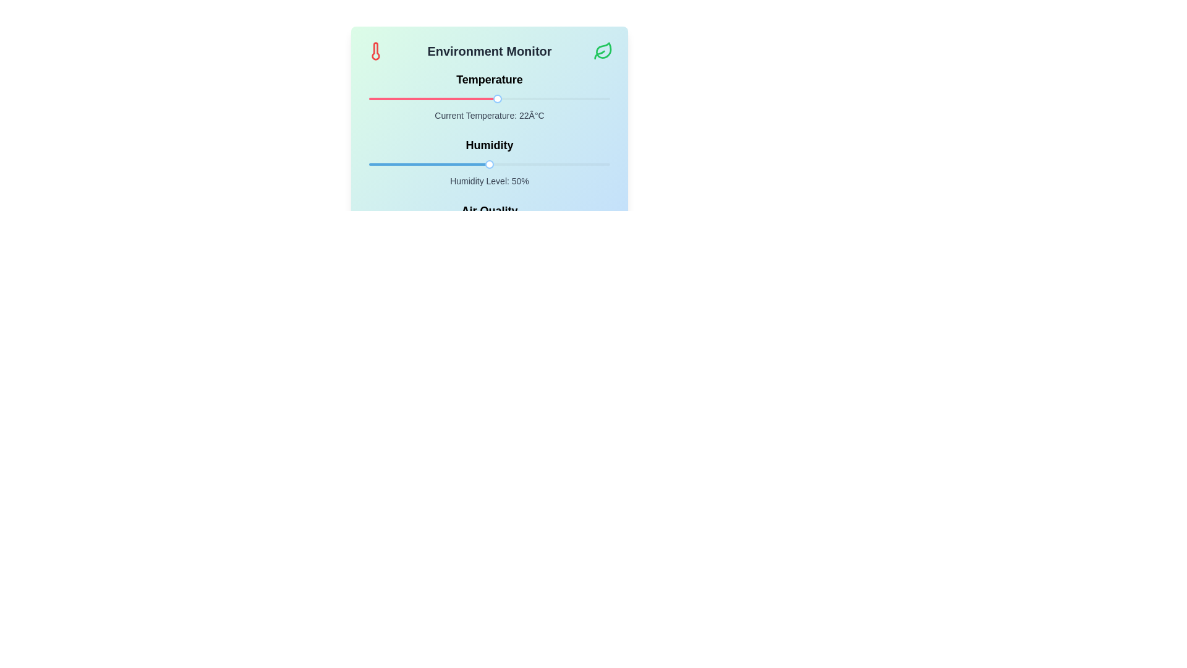  I want to click on the static text label displaying 'Current Temperature: 22Â°C' in the 'Environment Monitor' interface, so click(489, 115).